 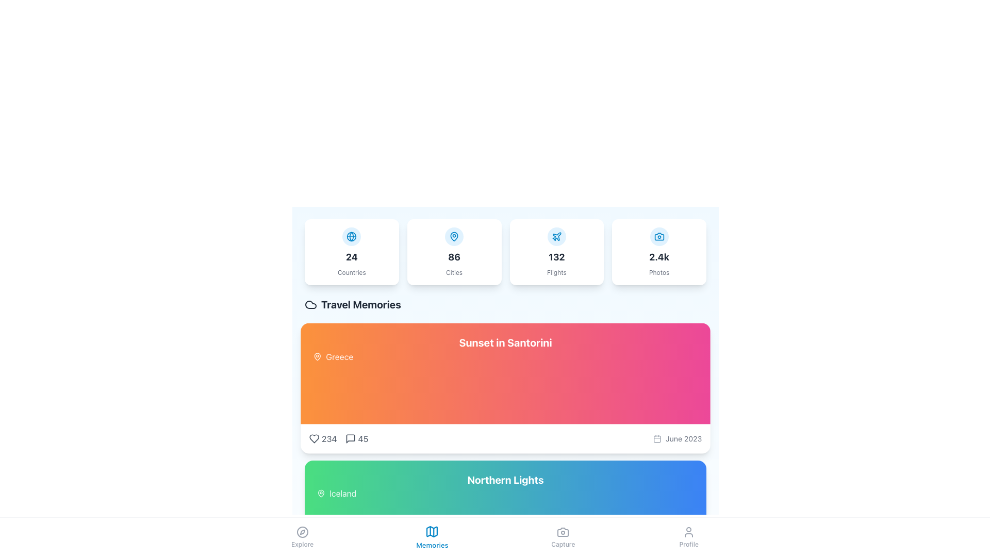 What do you see at coordinates (678, 438) in the screenshot?
I see `text 'June 2023' from the label with a calendar icon located in the bottom-right corner of the 'Sunset in Santorini' card` at bounding box center [678, 438].